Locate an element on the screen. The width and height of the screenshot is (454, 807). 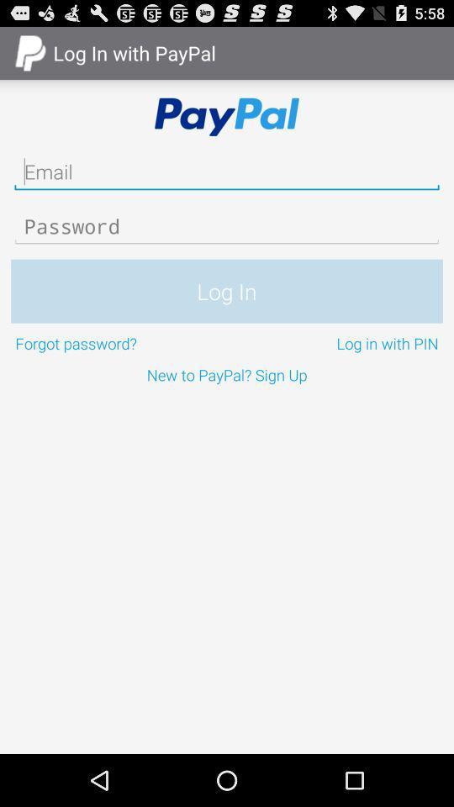
item above new to paypal app is located at coordinates (118, 342).